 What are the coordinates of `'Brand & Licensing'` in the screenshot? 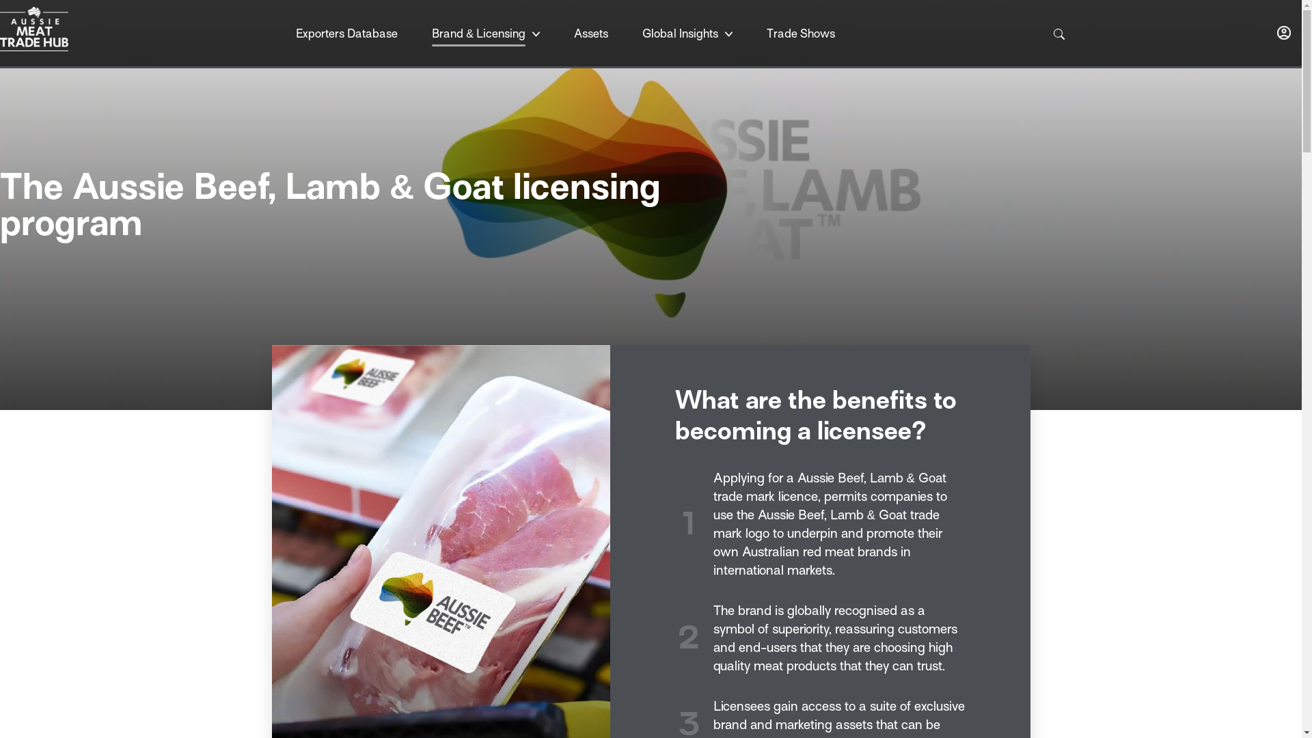 It's located at (485, 33).